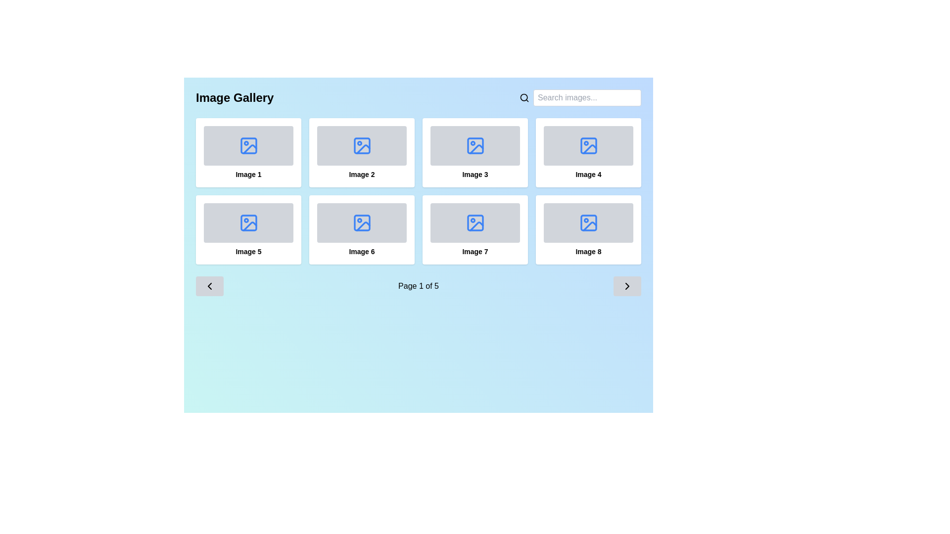 The width and height of the screenshot is (950, 534). What do you see at coordinates (475, 223) in the screenshot?
I see `the decorative background element within the image icon located in the second row and third column of the grid layout labeled 'Image 7'` at bounding box center [475, 223].